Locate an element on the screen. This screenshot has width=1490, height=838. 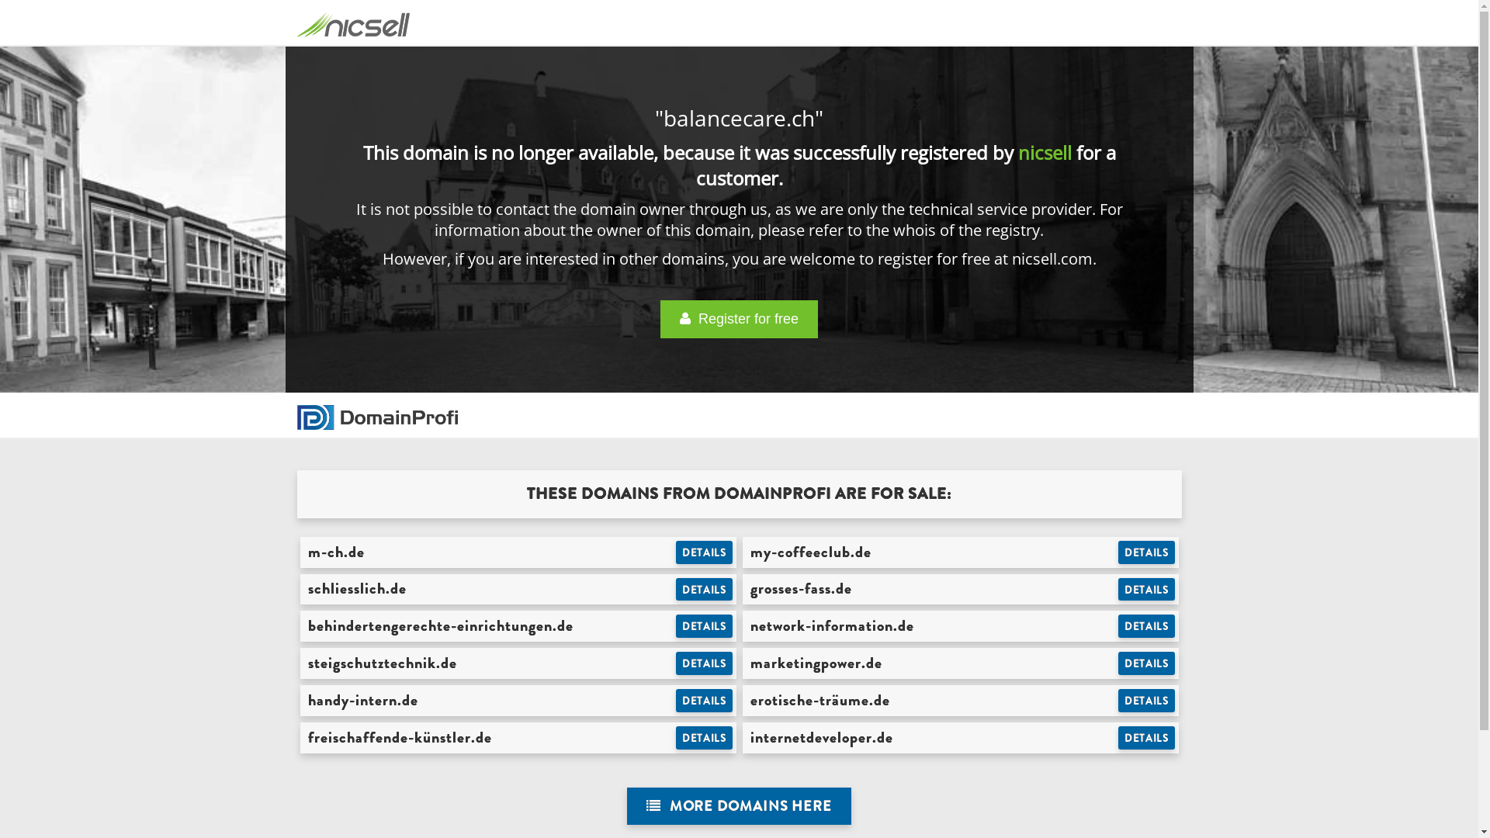
'  Register for free' is located at coordinates (738, 318).